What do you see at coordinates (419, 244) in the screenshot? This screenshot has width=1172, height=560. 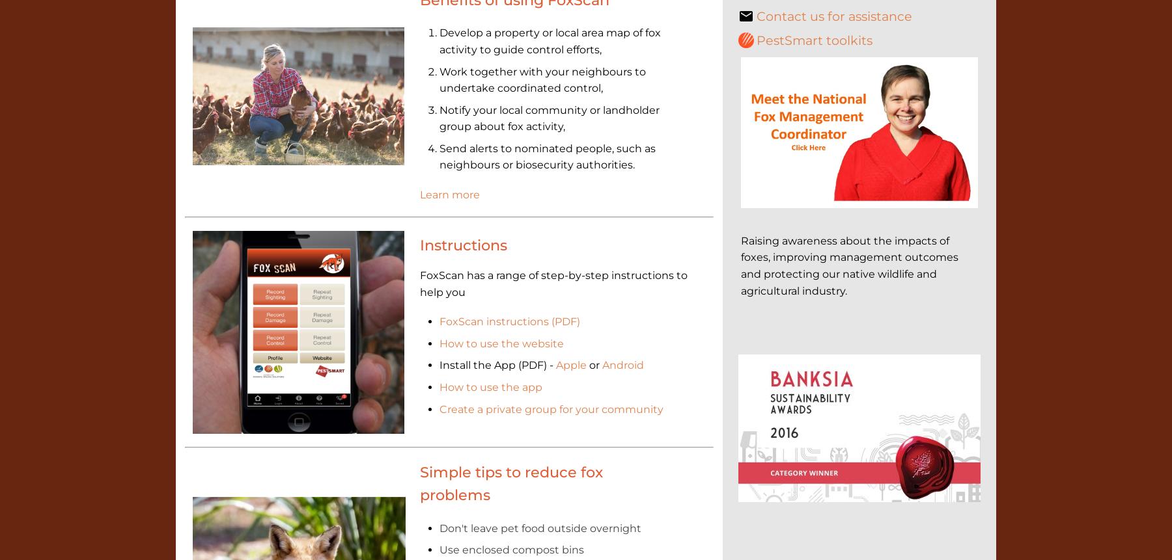 I see `'Instructions'` at bounding box center [419, 244].